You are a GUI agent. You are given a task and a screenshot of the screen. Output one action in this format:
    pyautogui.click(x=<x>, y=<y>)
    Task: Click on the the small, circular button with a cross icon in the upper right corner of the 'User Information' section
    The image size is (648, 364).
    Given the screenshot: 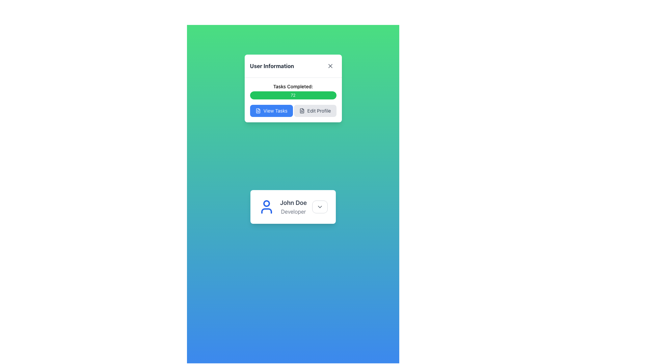 What is the action you would take?
    pyautogui.click(x=330, y=66)
    